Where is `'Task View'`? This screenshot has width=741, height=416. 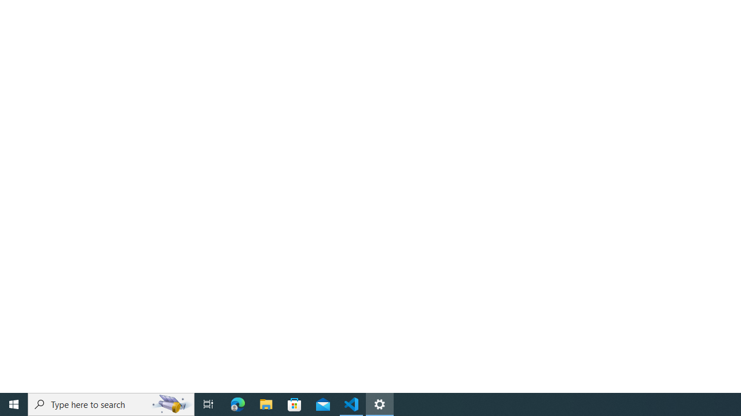
'Task View' is located at coordinates (208, 403).